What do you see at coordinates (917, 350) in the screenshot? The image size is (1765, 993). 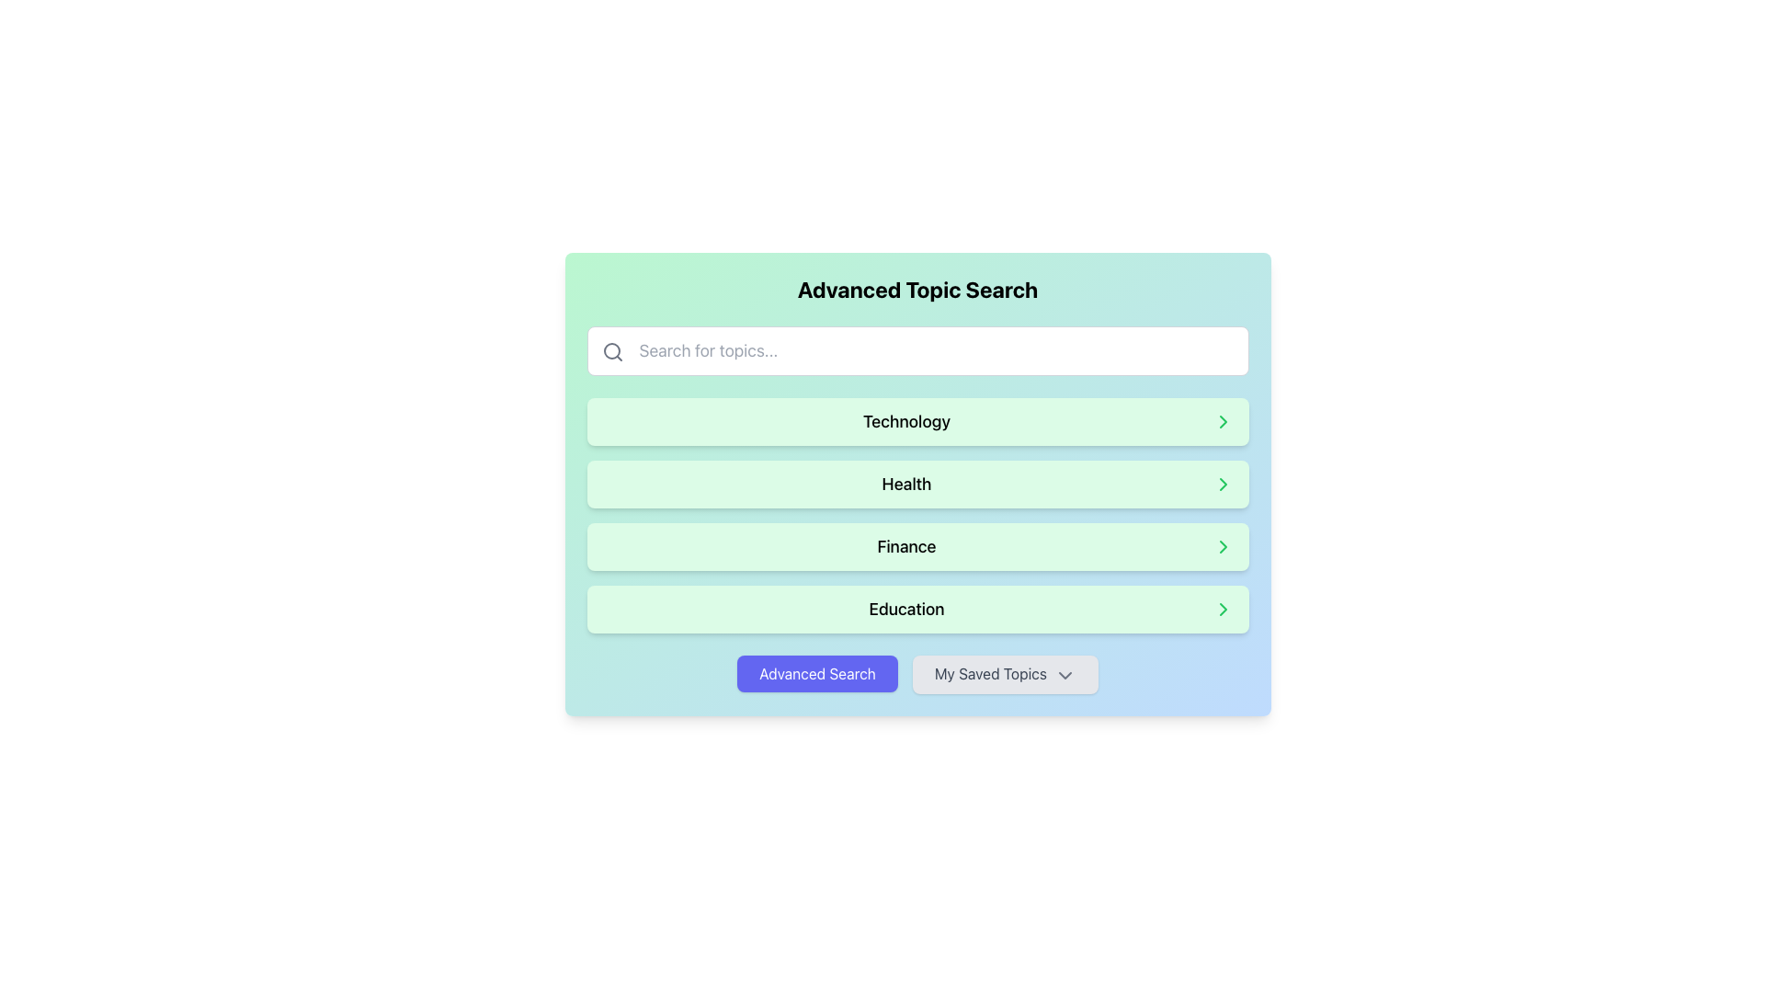 I see `the search input field located below the 'Advanced Topic Search' title, using keyboard navigation to type a query` at bounding box center [917, 350].